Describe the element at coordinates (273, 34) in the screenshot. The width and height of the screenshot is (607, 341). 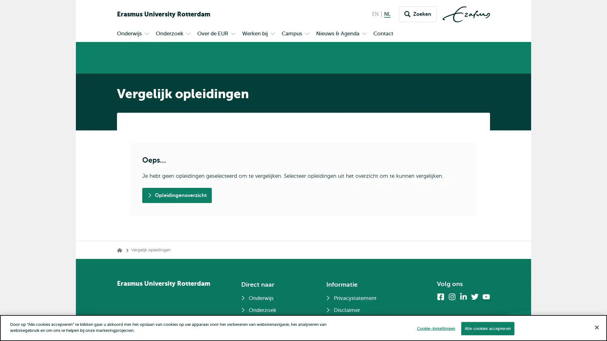
I see `Open submenu` at that location.